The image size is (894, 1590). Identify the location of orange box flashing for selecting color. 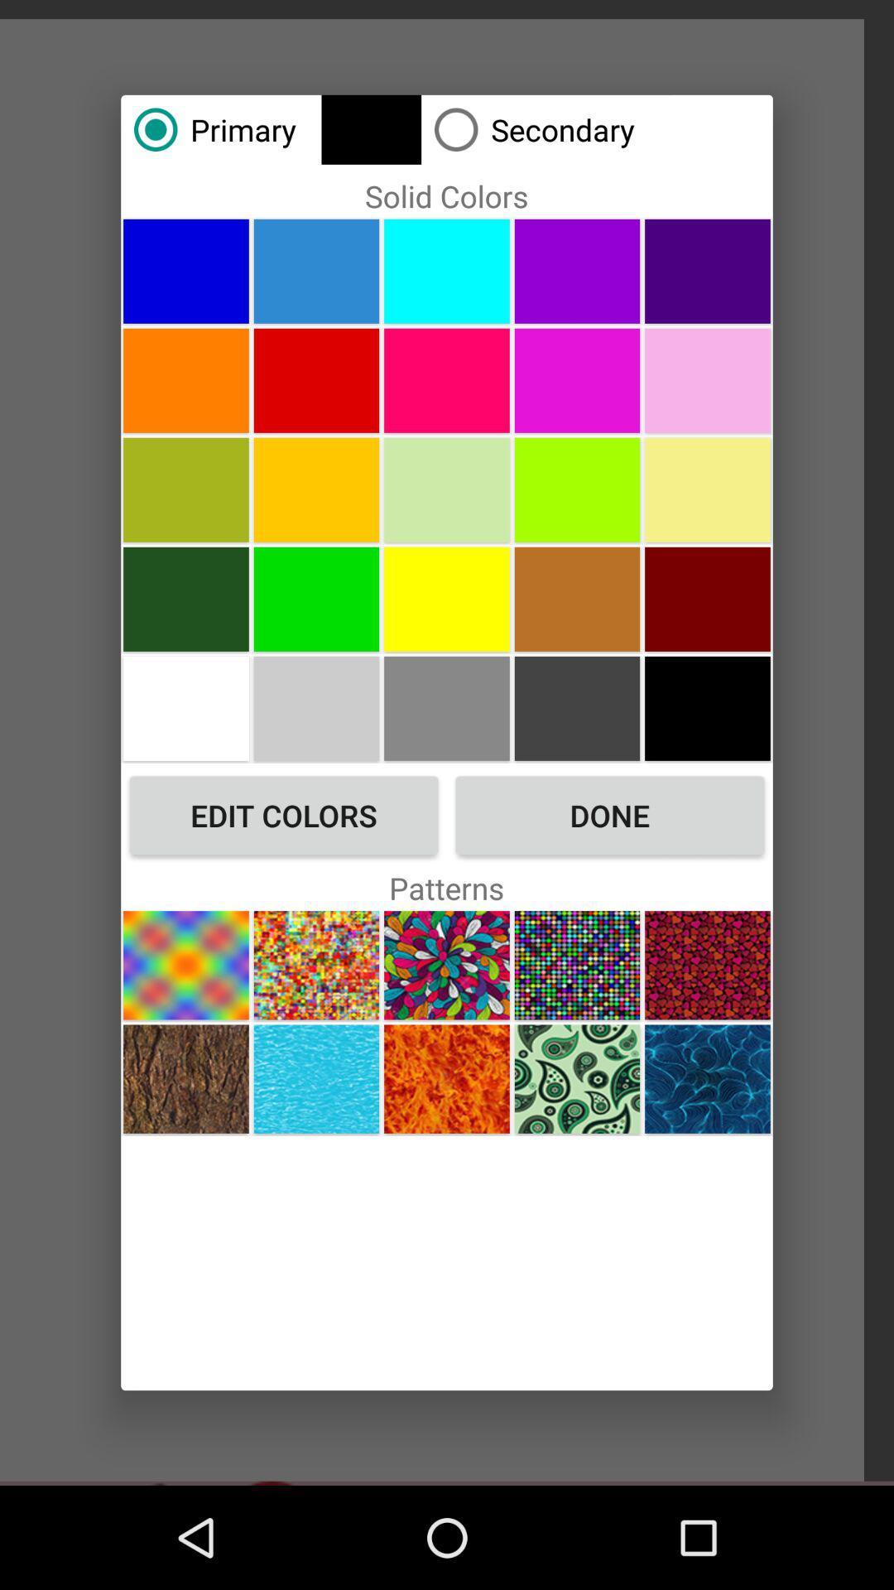
(185, 489).